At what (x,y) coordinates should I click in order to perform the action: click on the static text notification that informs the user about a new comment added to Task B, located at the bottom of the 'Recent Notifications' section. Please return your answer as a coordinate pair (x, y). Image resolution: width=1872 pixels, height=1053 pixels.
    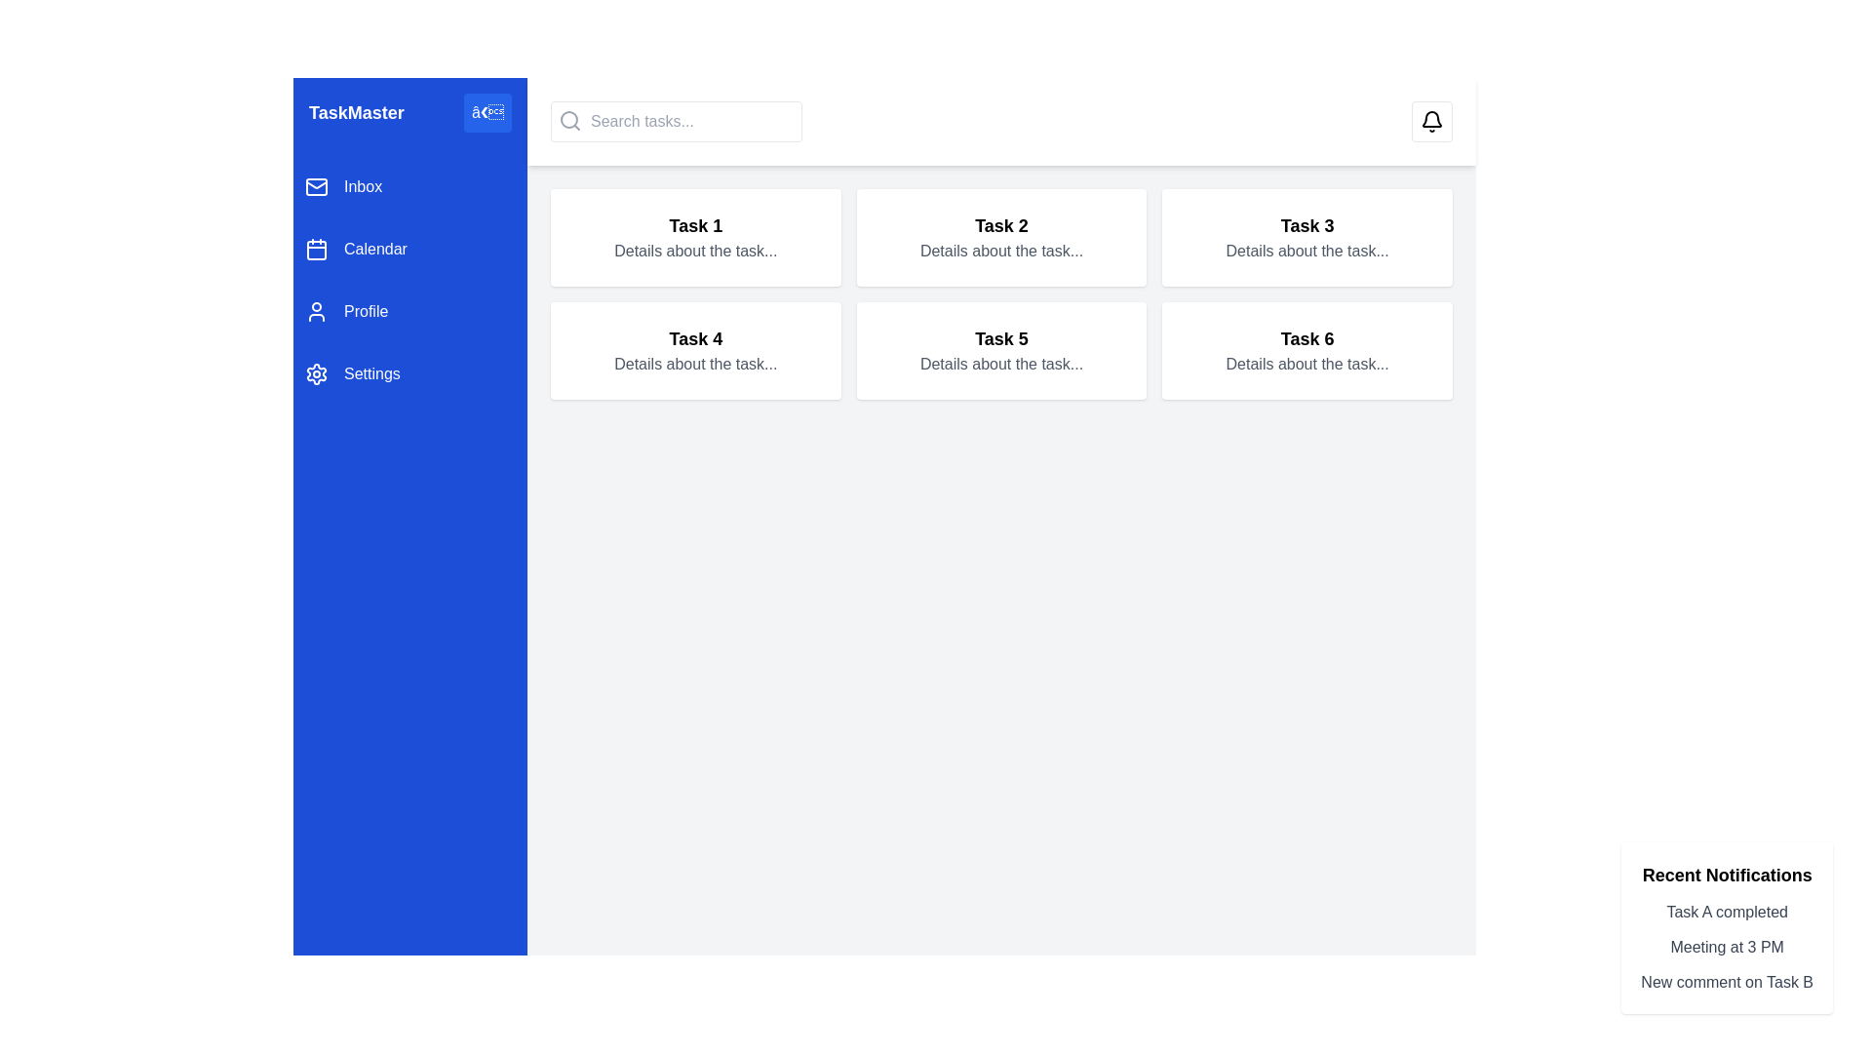
    Looking at the image, I should click on (1727, 982).